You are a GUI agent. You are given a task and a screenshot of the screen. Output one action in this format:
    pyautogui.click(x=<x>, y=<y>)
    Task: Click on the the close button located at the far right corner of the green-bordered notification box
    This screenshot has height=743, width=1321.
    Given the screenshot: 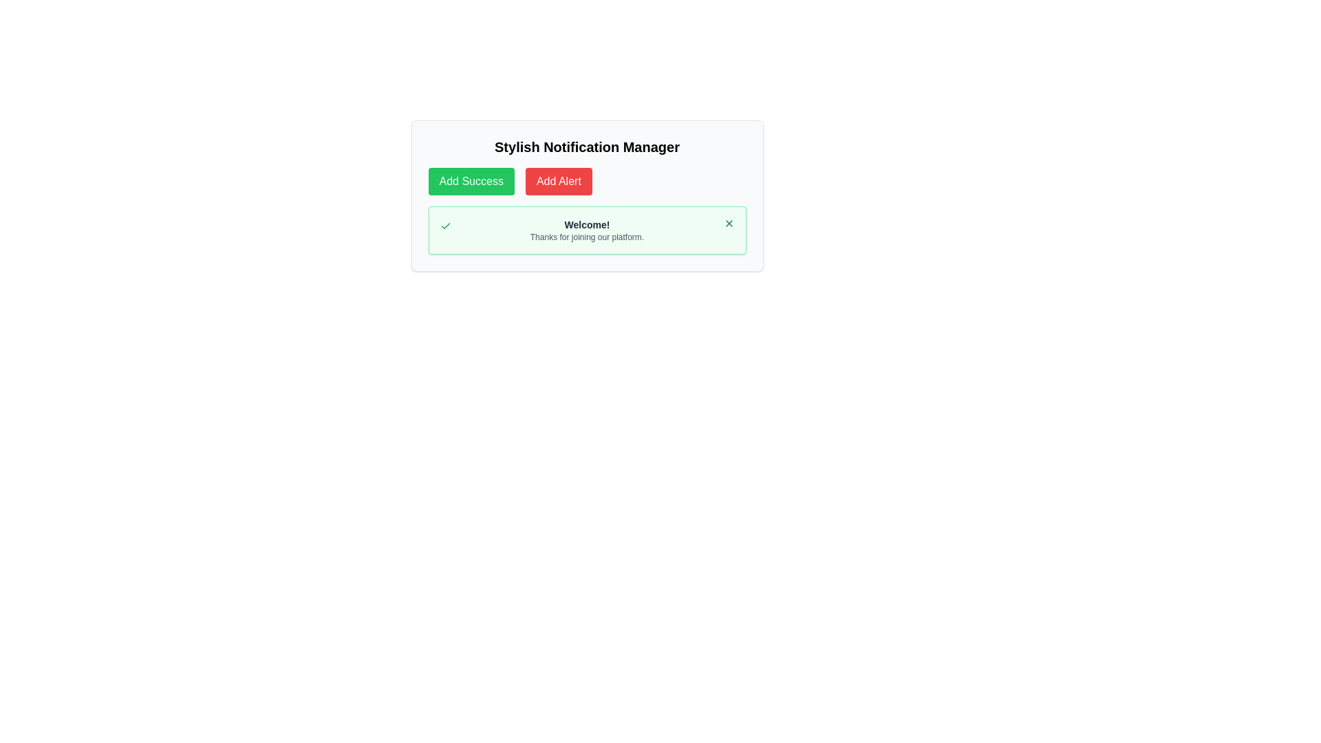 What is the action you would take?
    pyautogui.click(x=728, y=222)
    